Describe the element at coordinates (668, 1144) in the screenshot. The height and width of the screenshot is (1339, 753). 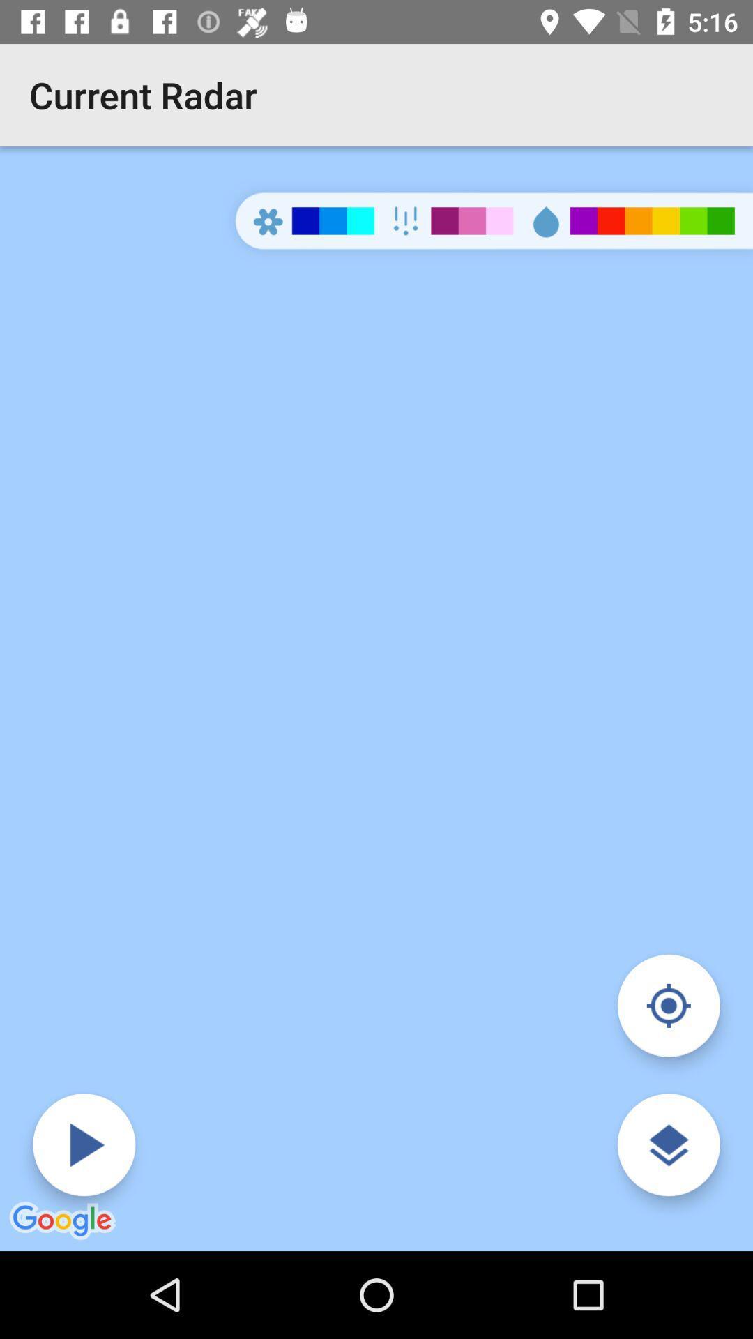
I see `the layers icon` at that location.